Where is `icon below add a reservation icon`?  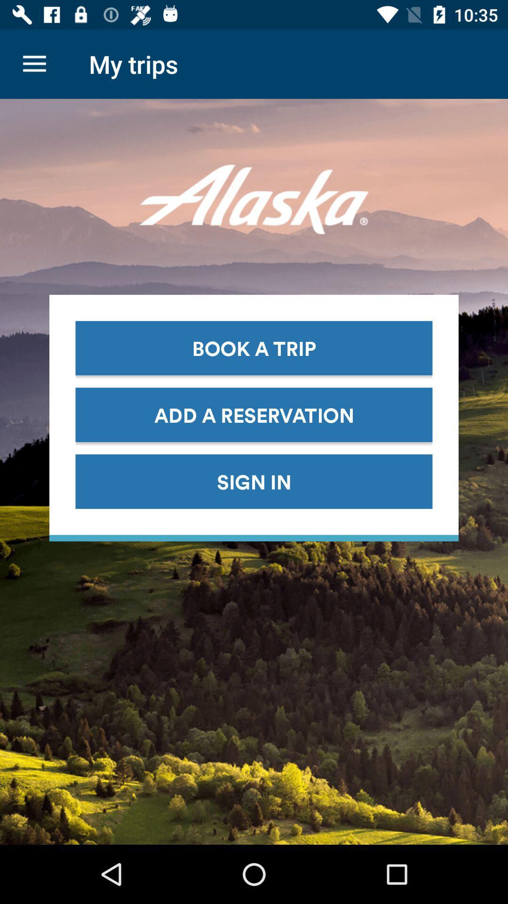
icon below add a reservation icon is located at coordinates (254, 481).